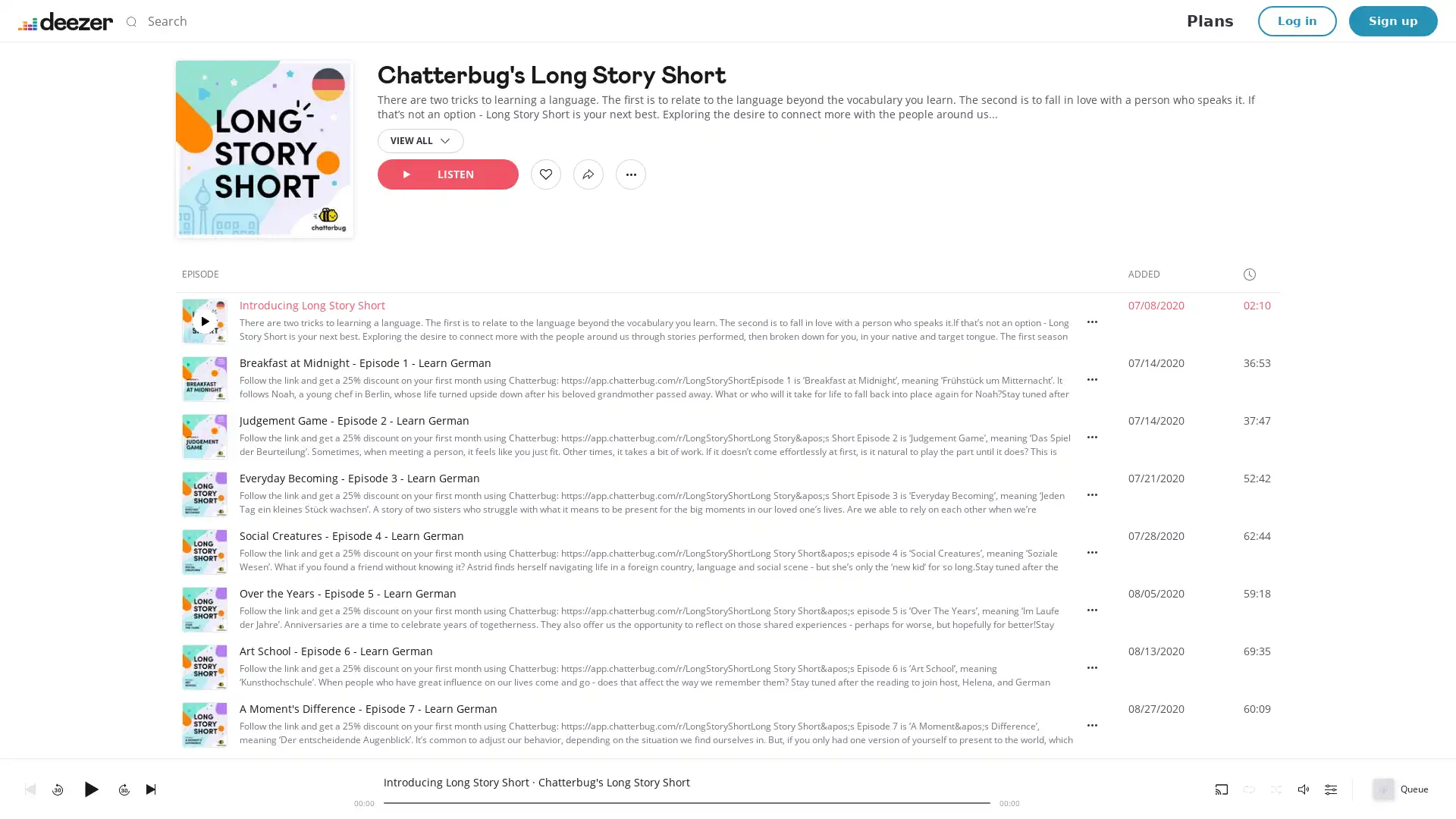  I want to click on Clear, so click(967, 20).